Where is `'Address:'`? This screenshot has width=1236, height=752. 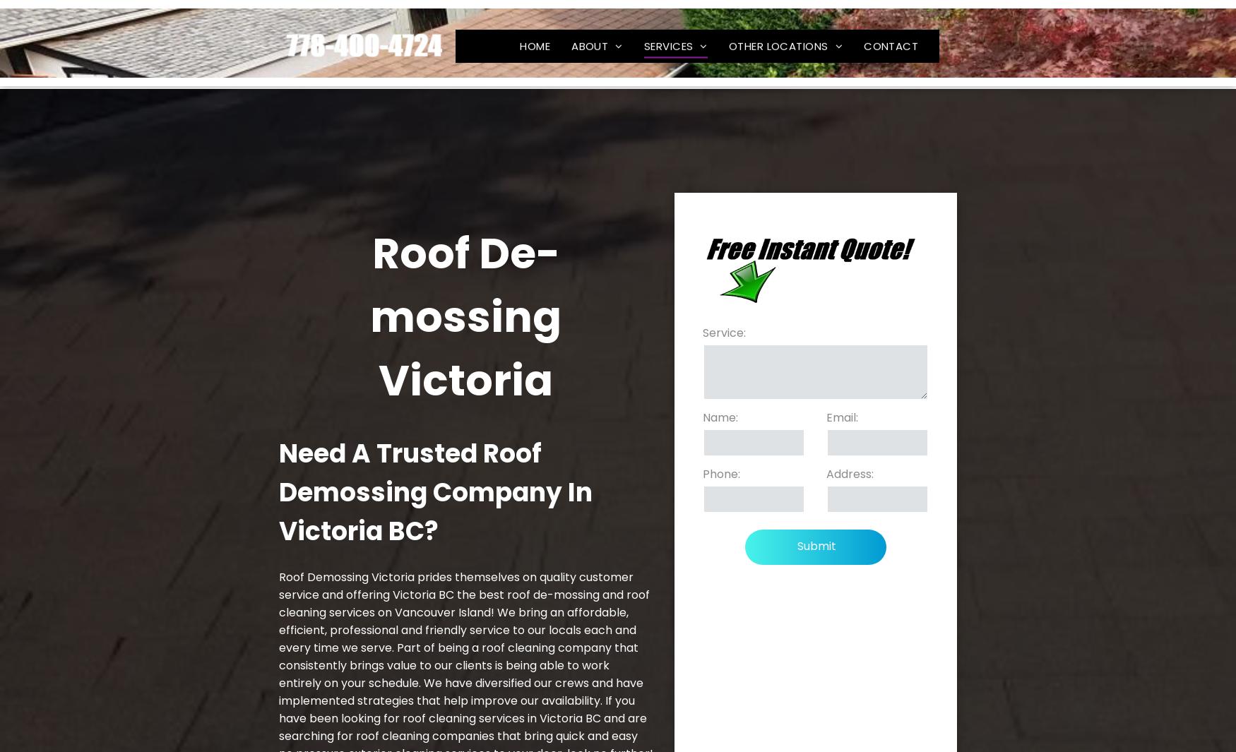 'Address:' is located at coordinates (849, 473).